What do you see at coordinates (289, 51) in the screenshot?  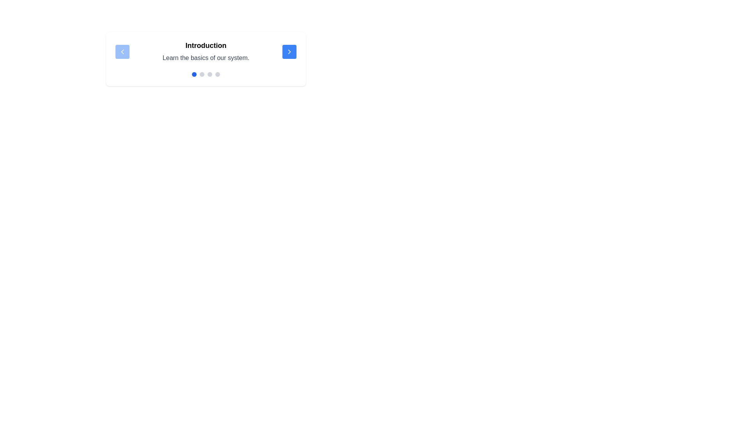 I see `the right-pointing chevron icon located in the top-right corner of the white rectangular section that contains text and a pagination indicator` at bounding box center [289, 51].